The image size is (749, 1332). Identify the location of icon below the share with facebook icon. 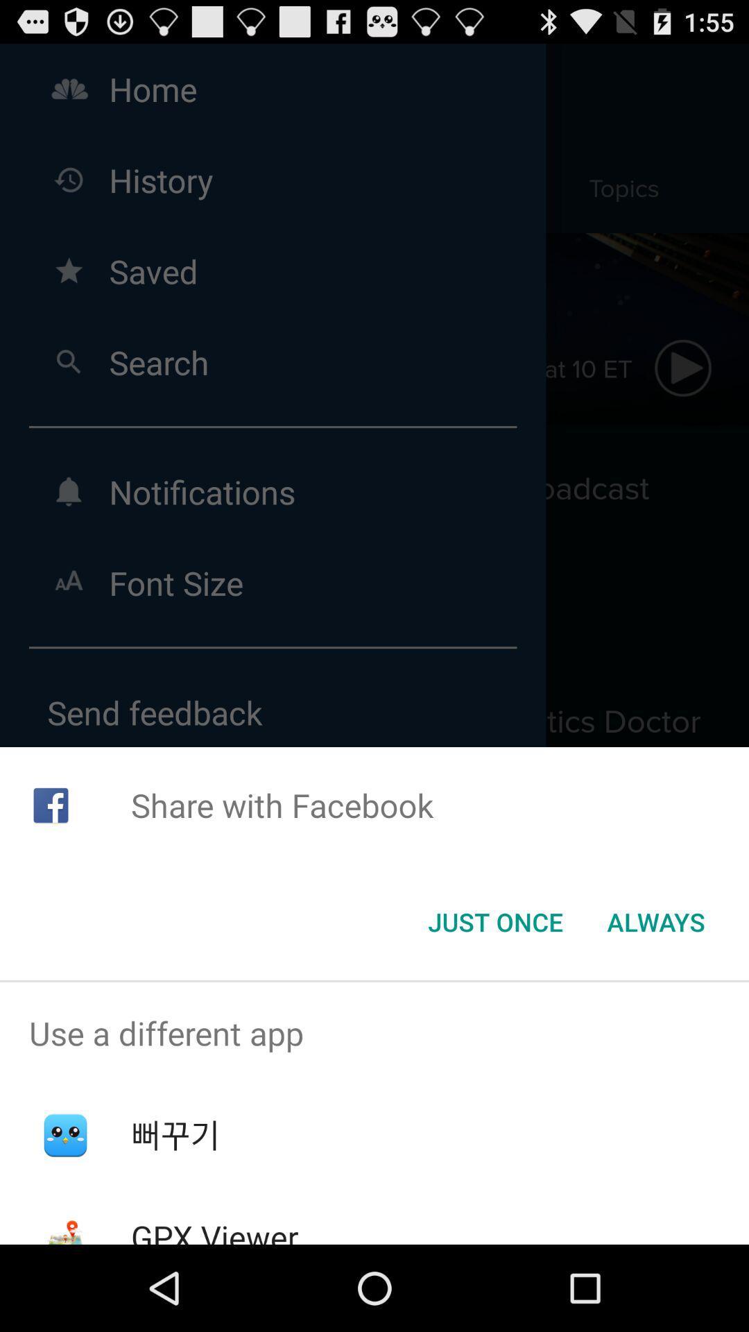
(655, 922).